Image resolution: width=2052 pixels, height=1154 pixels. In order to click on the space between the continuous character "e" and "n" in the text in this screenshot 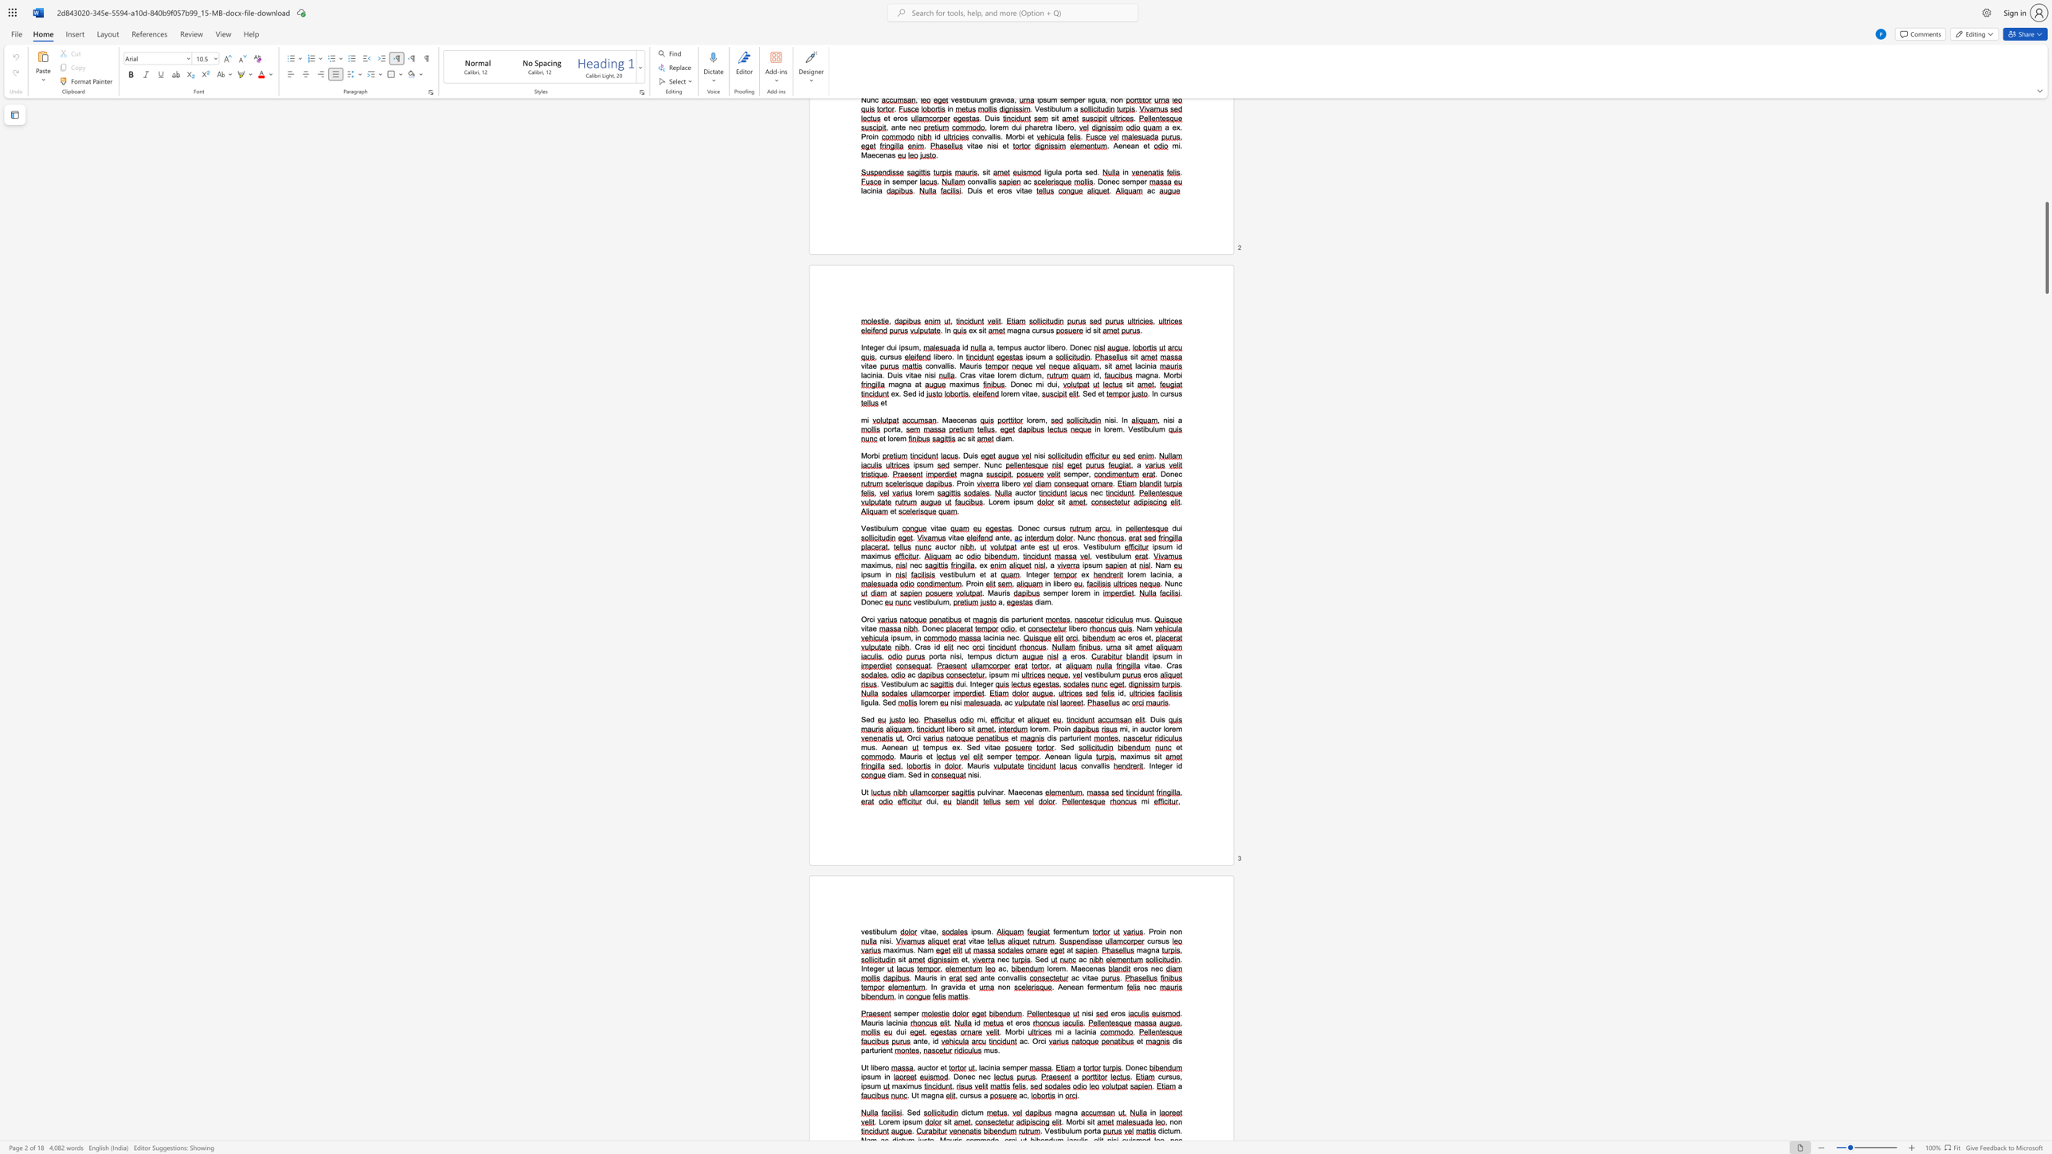, I will do `click(1036, 618)`.